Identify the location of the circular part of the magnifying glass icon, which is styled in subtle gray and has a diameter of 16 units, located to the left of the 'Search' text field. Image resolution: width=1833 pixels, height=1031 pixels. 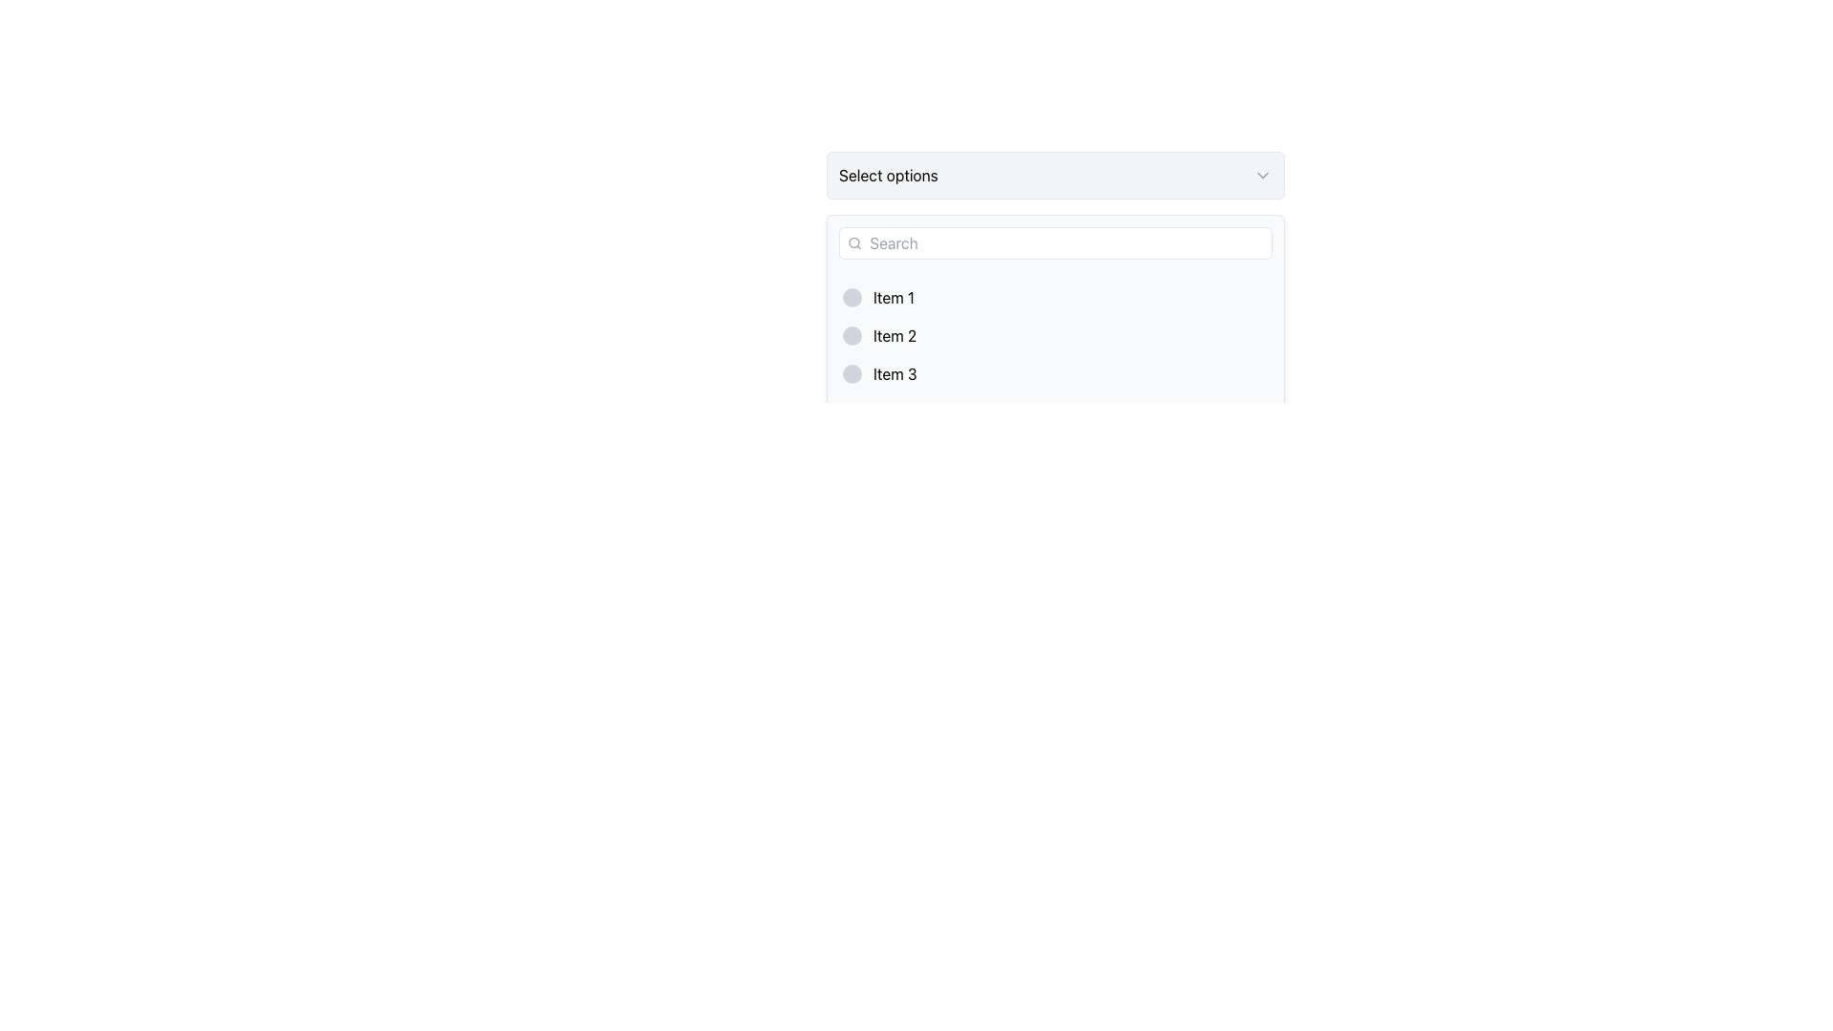
(853, 242).